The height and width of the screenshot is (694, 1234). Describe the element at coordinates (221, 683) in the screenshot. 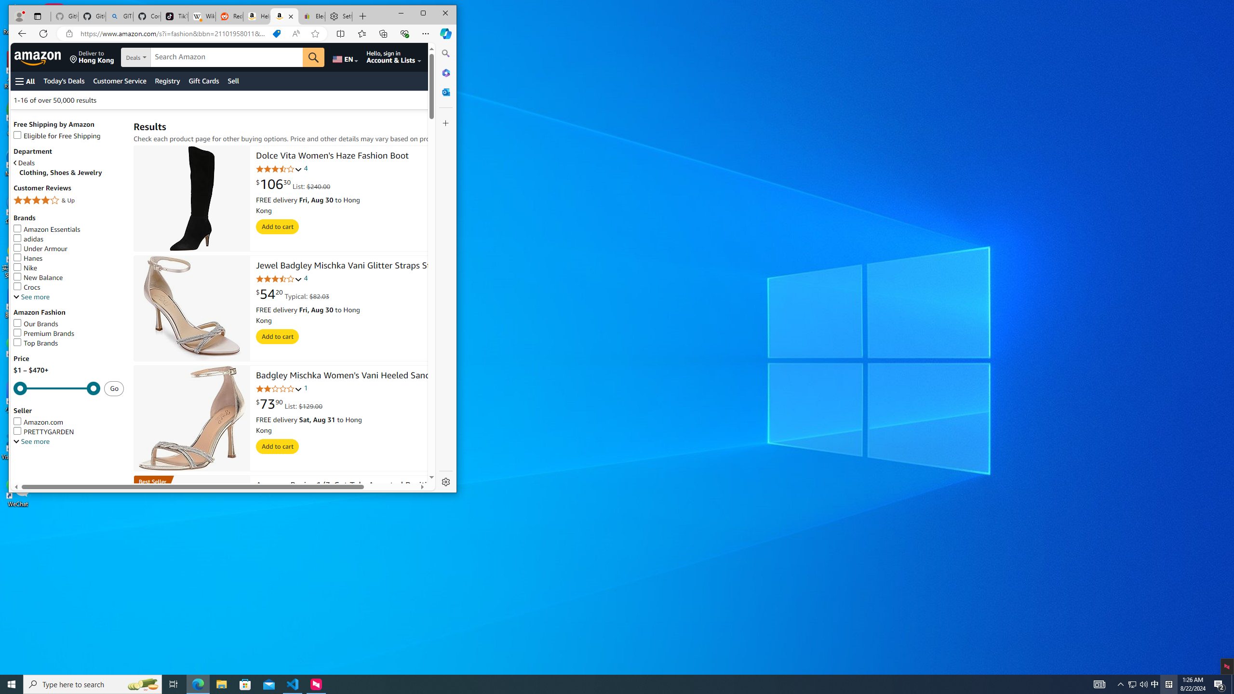

I see `'File Explorer'` at that location.